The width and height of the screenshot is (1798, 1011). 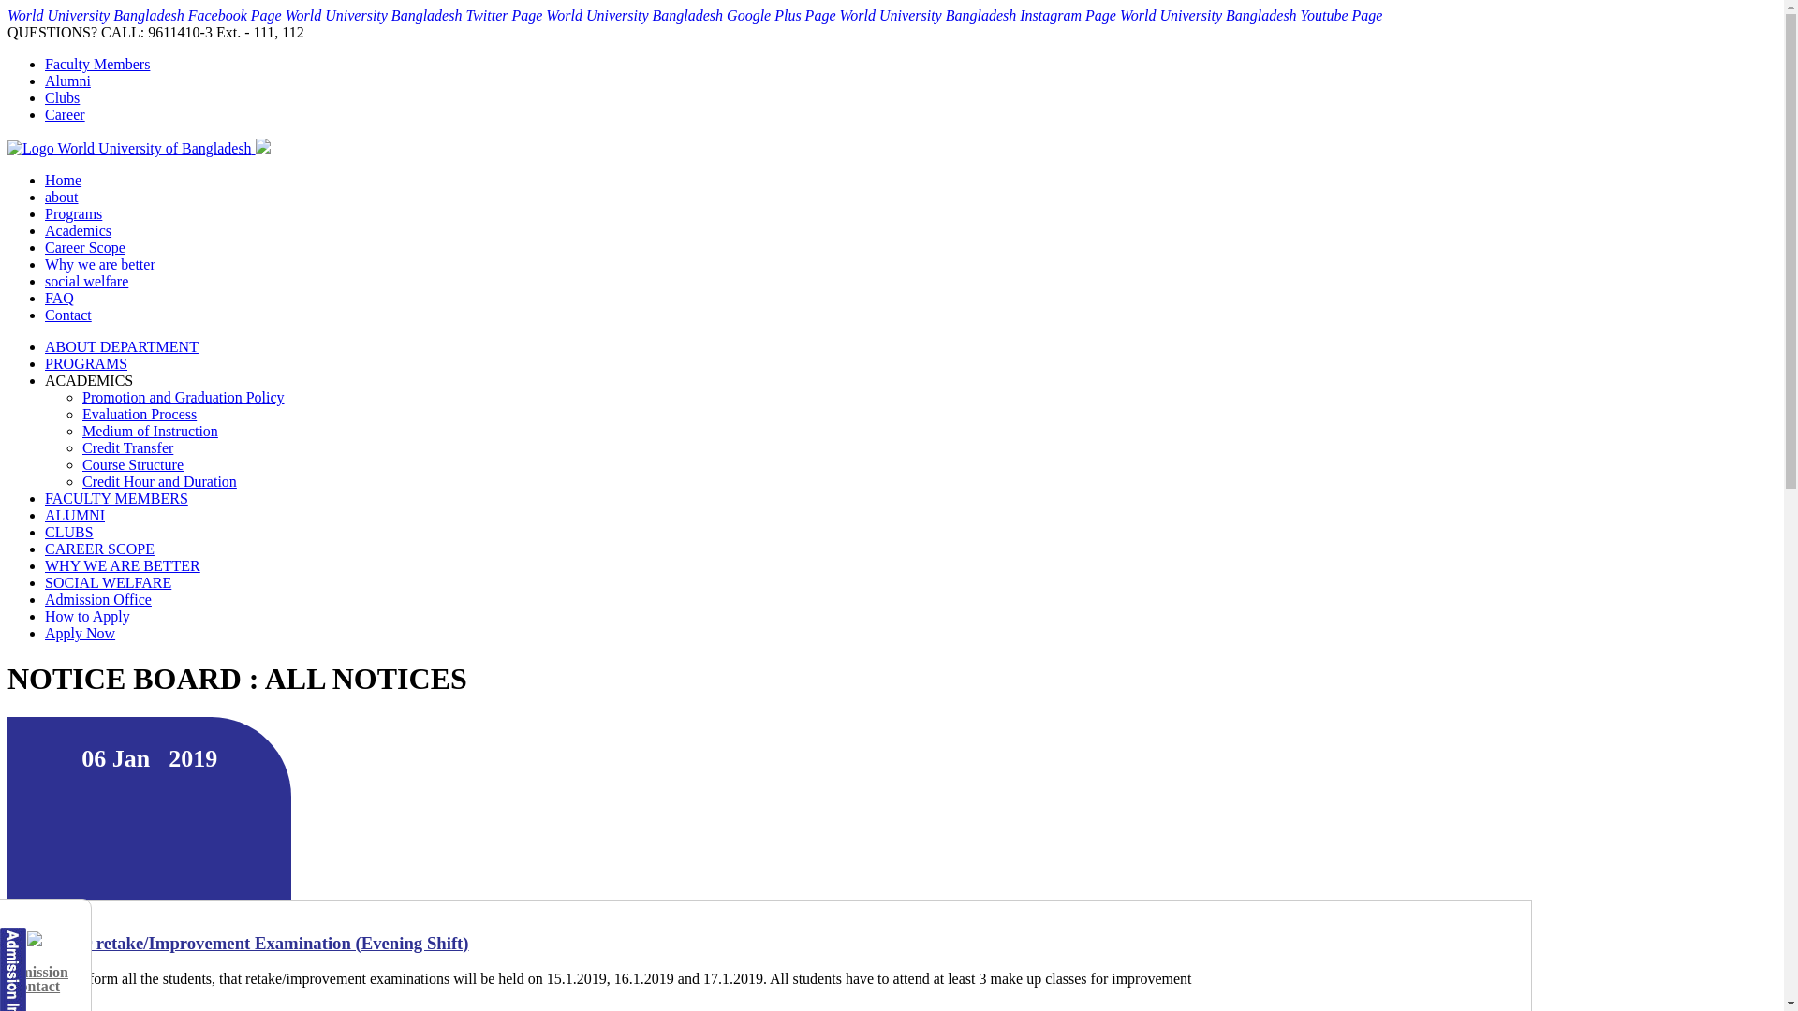 I want to click on 'FACULTY MEMBERS', so click(x=115, y=497).